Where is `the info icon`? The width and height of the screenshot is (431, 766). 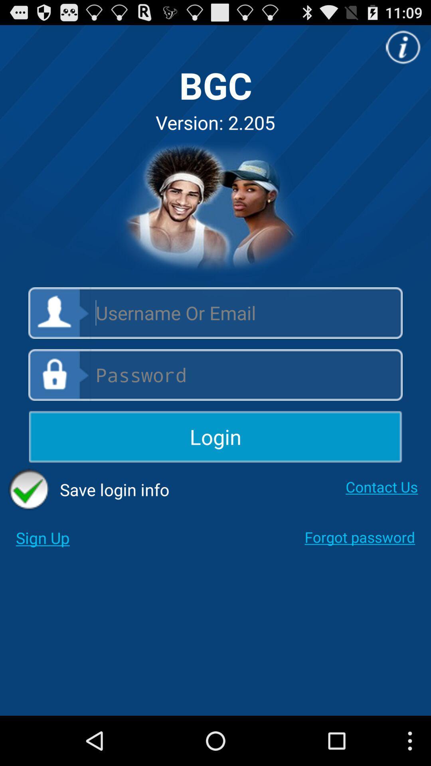
the info icon is located at coordinates (403, 50).